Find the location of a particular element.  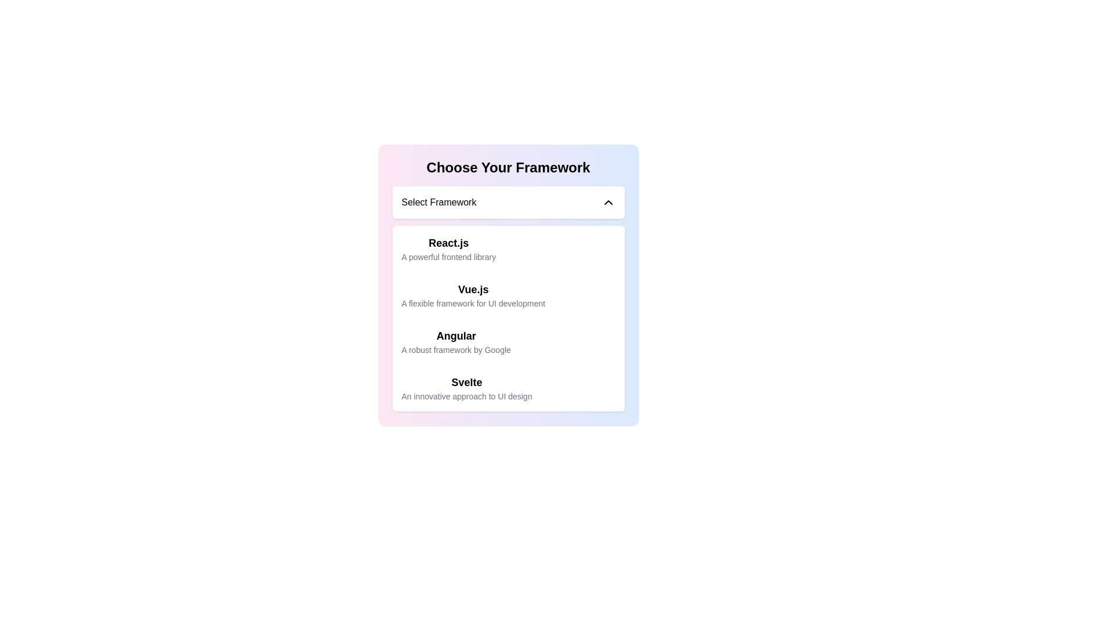

the text label that reads 'A powerful frontend library', which is styled in gray and positioned below the header 'React.js' in the card-styled panel labeled 'Choose Your Framework' is located at coordinates (448, 257).